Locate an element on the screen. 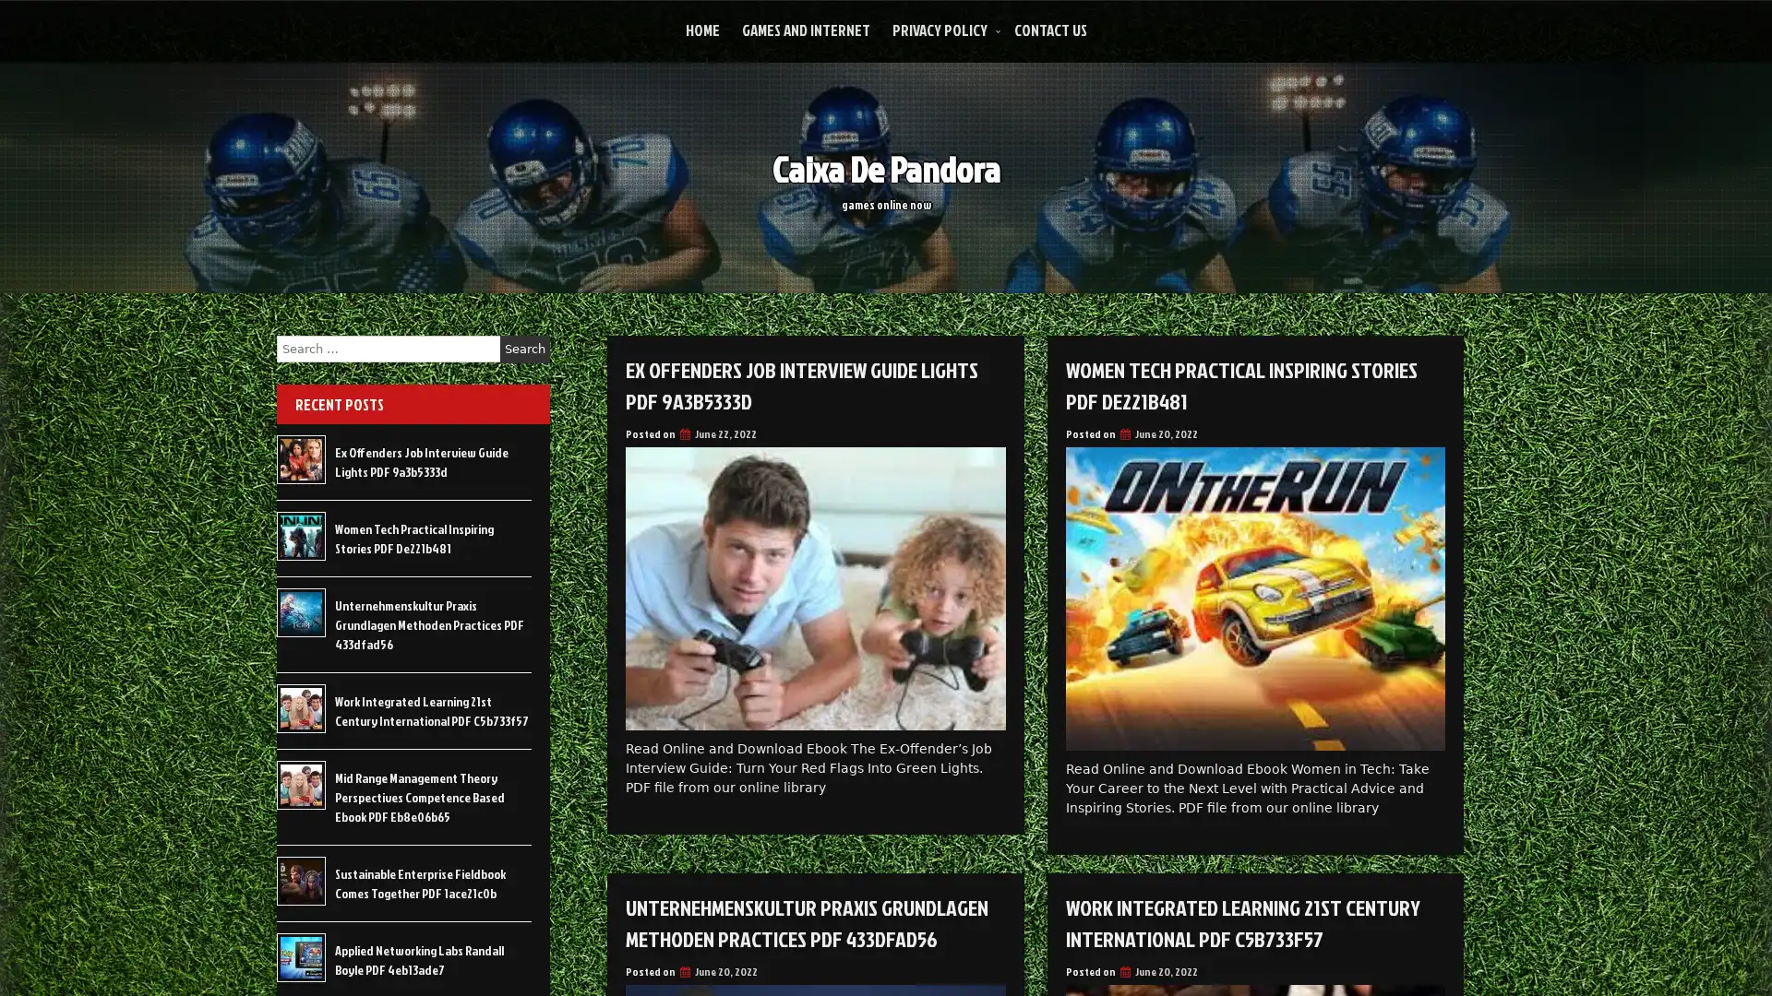  Search is located at coordinates (524, 349).